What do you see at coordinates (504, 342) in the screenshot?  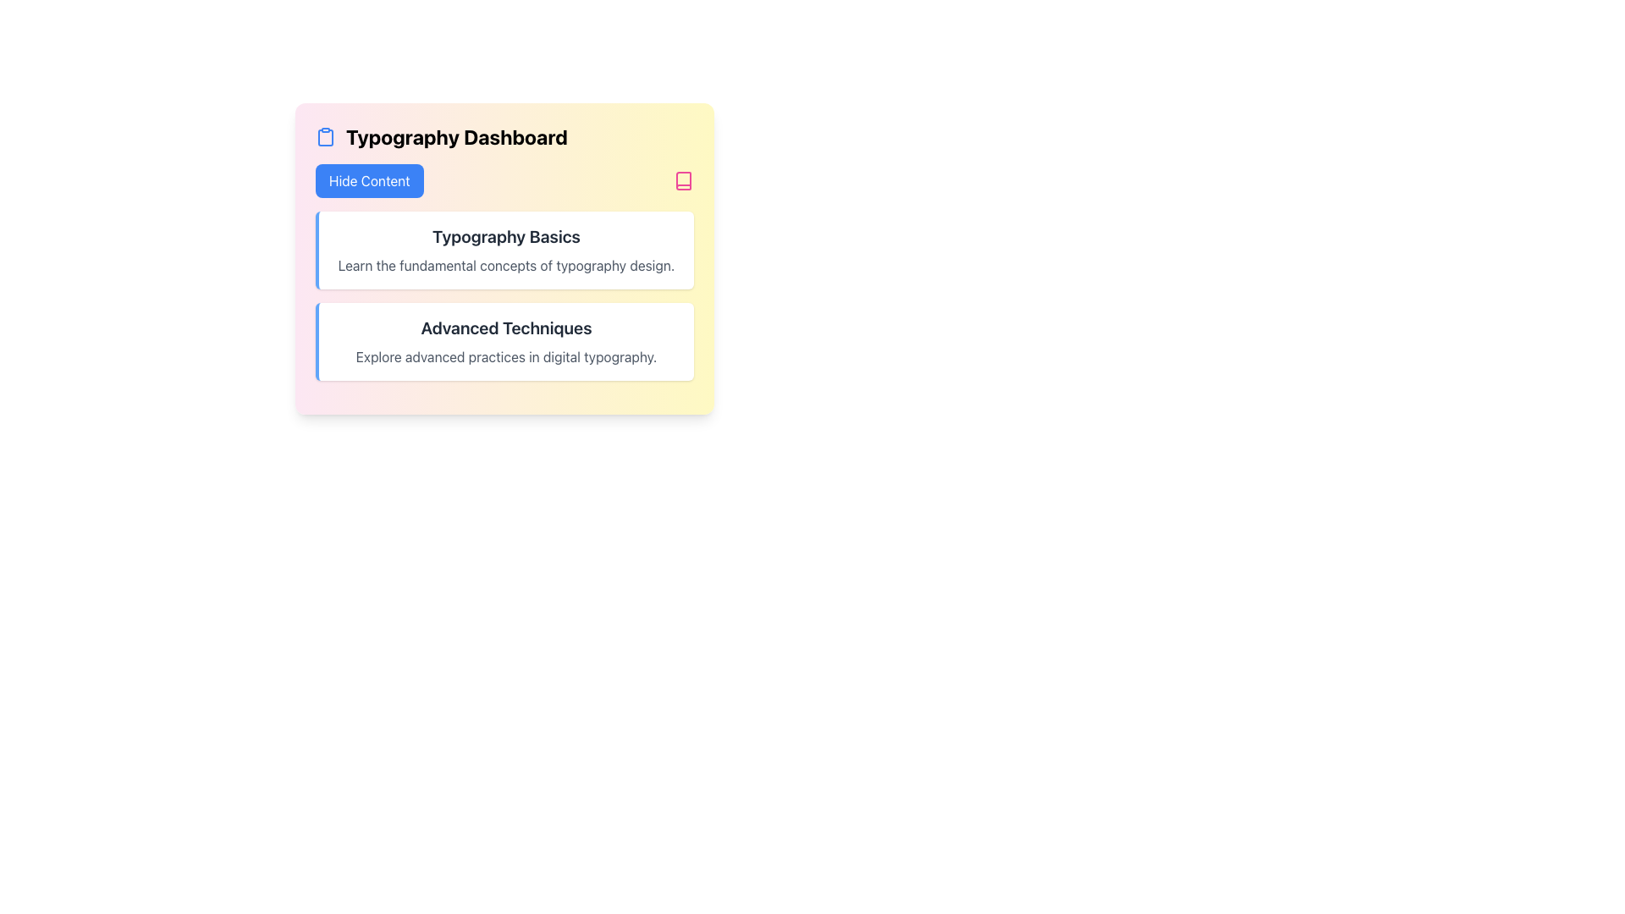 I see `the Information Card that provides details about advanced techniques in typography, positioned as the second card in a vertical list after 'Typography Basics.'` at bounding box center [504, 342].